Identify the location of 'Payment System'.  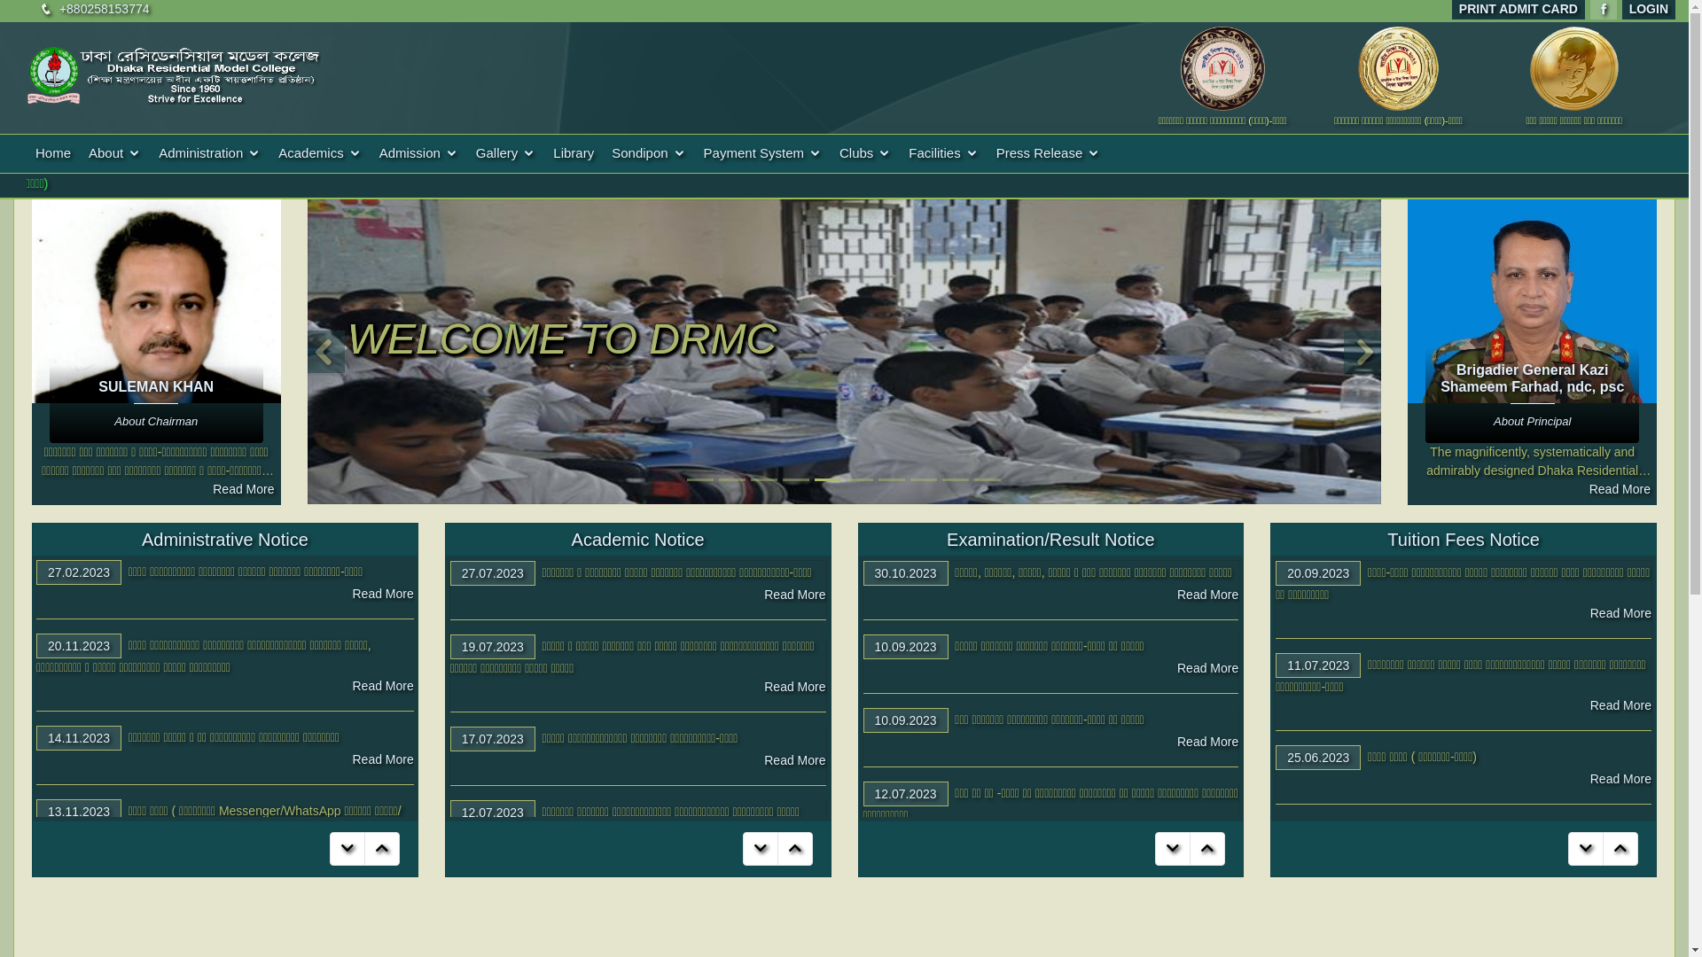
(762, 152).